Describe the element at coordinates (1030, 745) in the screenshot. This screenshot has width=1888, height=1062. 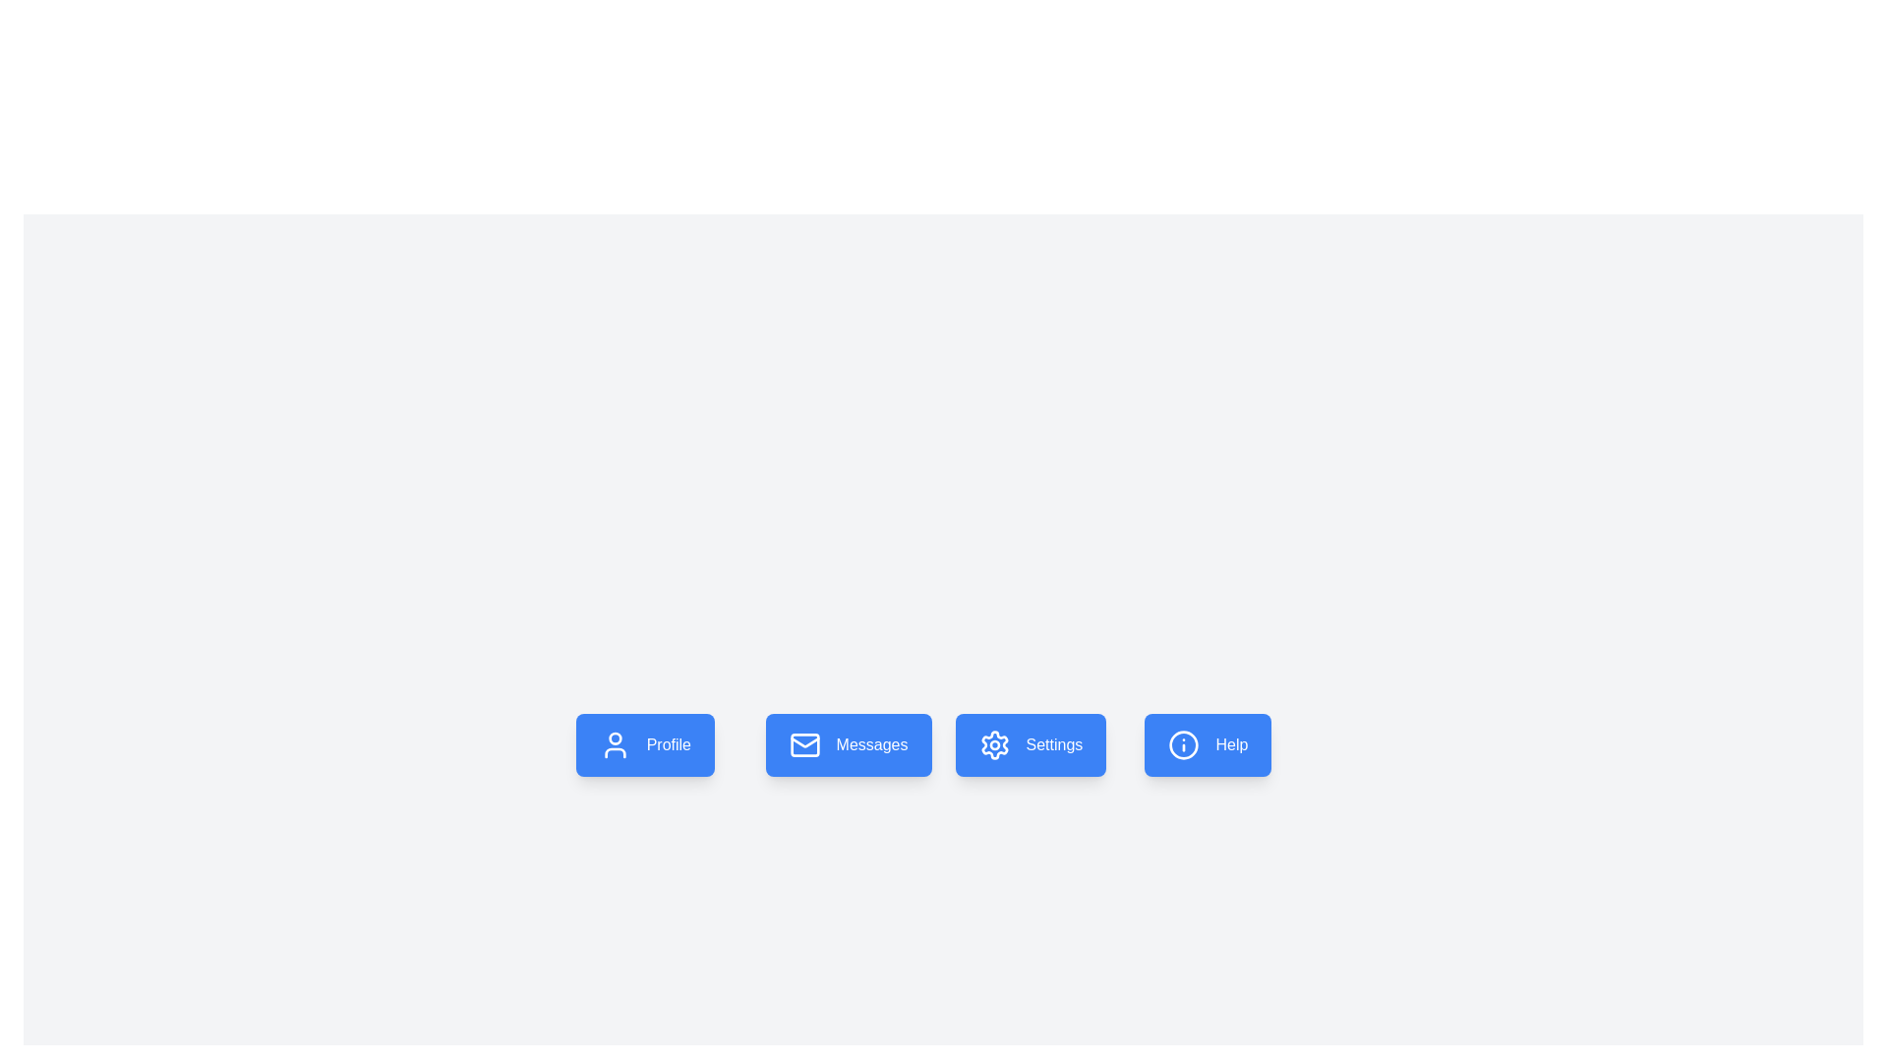
I see `the blue rectangular 'Settings' button with rounded corners and a gear icon to visualize its hover state` at that location.